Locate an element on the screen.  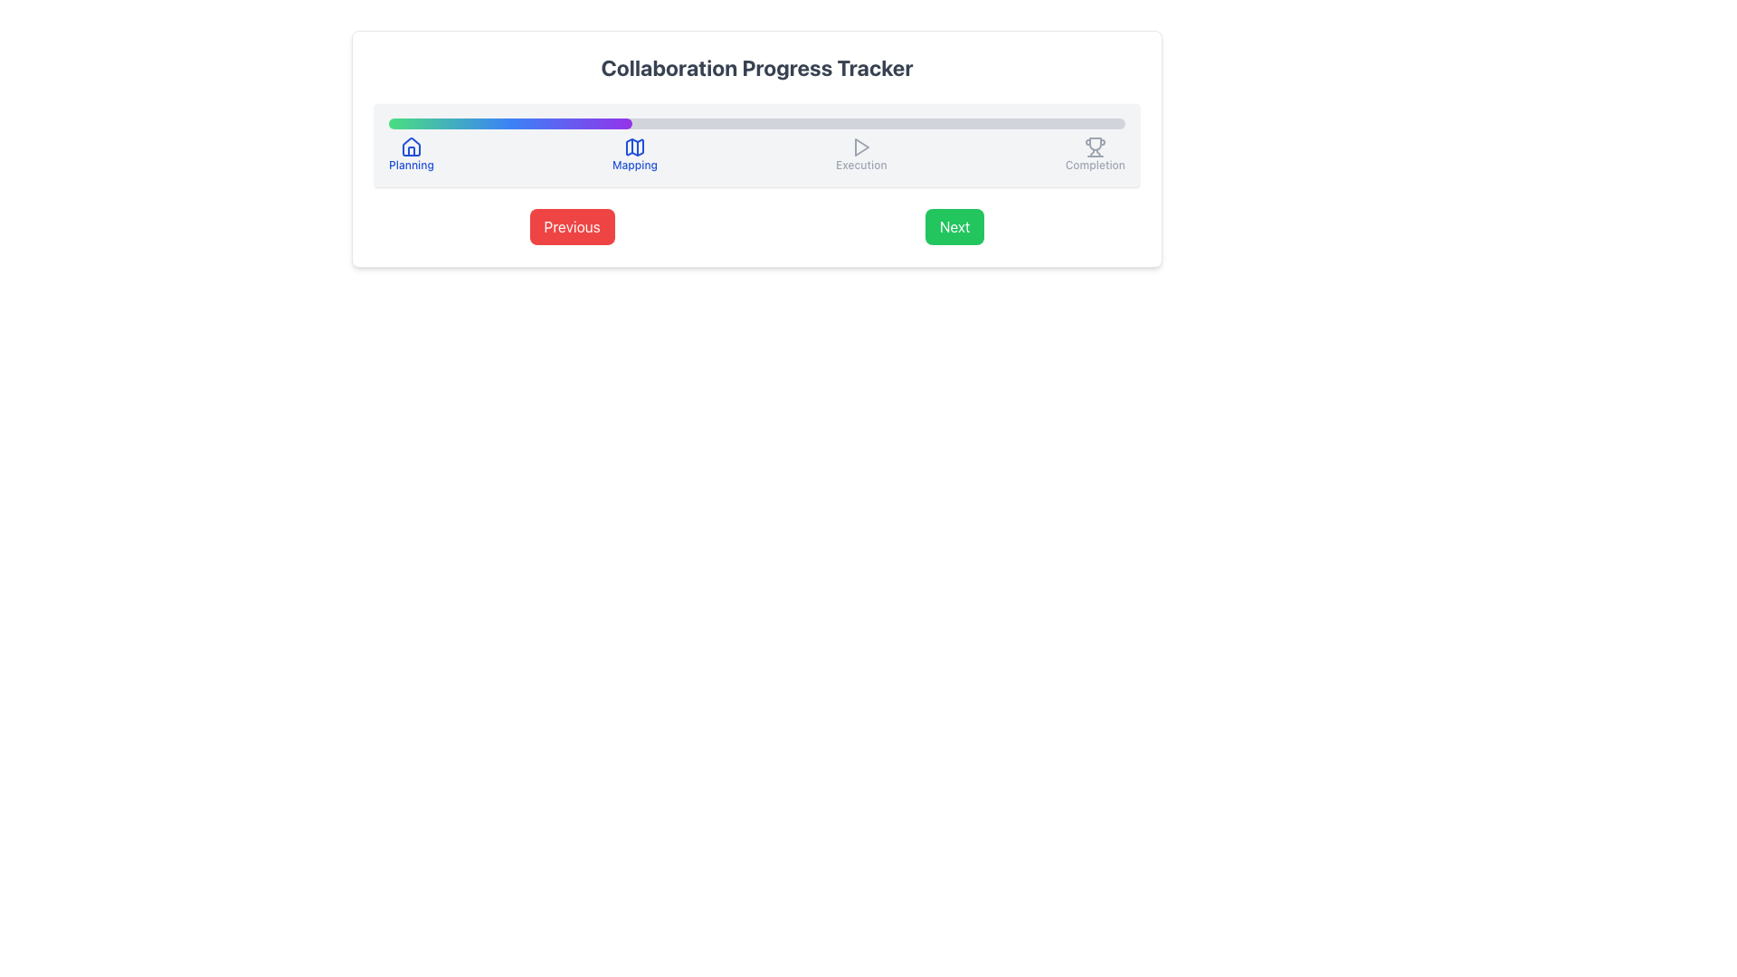
the house icon with a blue outline located above the 'Planning' label is located at coordinates (410, 146).